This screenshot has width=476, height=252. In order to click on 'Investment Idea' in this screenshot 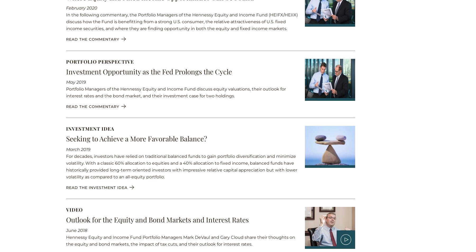, I will do `click(90, 129)`.